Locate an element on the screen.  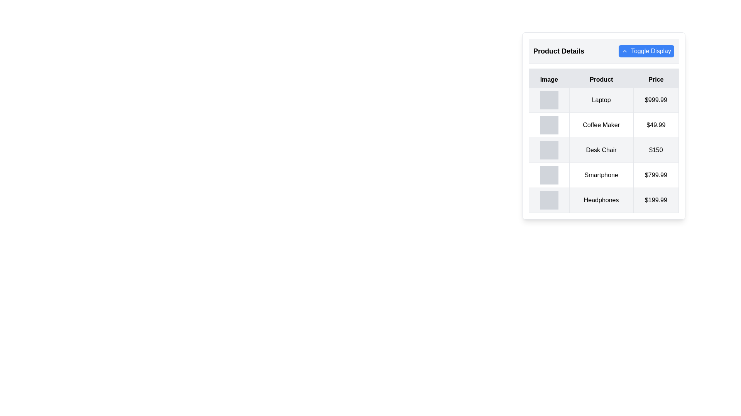
the Image placeholder located in the 'Image' column of the table next to the 'Smartphone' row by moving the cursor to its center point is located at coordinates (548, 175).